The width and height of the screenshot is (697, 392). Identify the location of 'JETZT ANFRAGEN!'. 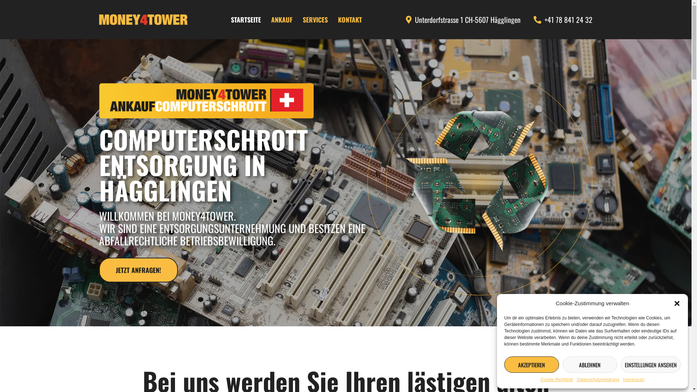
(138, 270).